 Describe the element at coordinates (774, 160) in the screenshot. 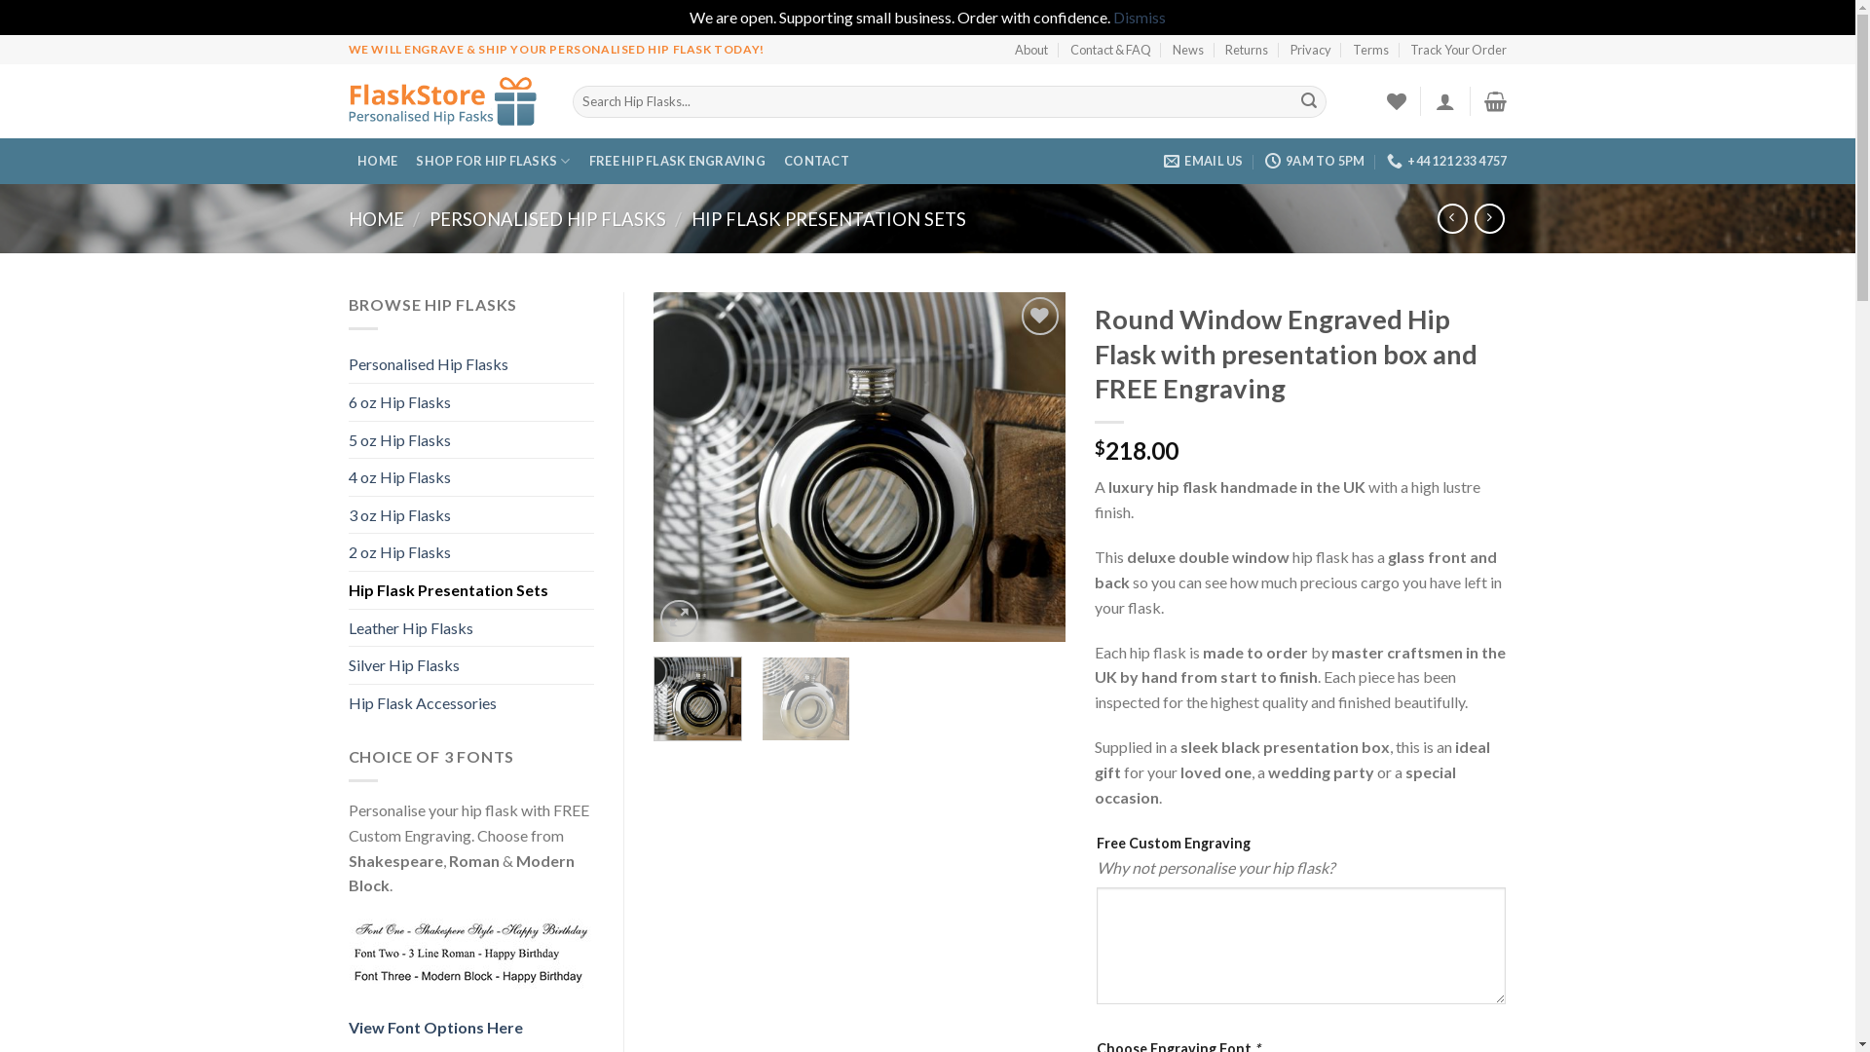

I see `'CONTACT'` at that location.